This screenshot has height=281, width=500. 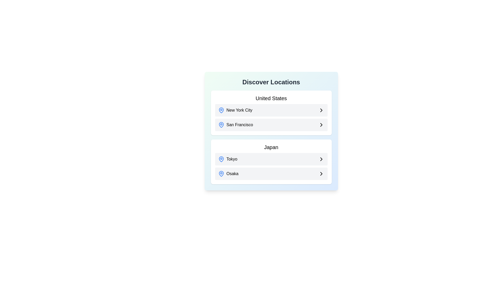 I want to click on the blue map pin icon positioned before the text label 'New York City' in the list of locations under 'United States', so click(x=221, y=110).